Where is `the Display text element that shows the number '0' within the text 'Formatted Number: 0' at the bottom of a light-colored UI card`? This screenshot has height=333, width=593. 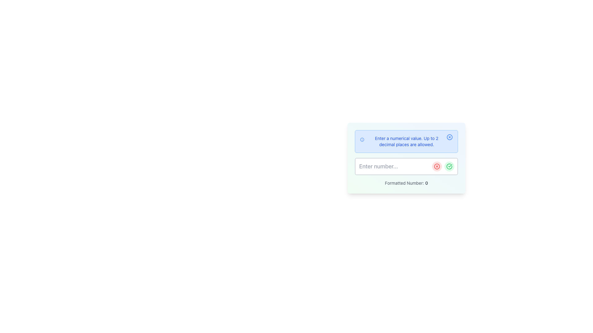 the Display text element that shows the number '0' within the text 'Formatted Number: 0' at the bottom of a light-colored UI card is located at coordinates (426, 183).